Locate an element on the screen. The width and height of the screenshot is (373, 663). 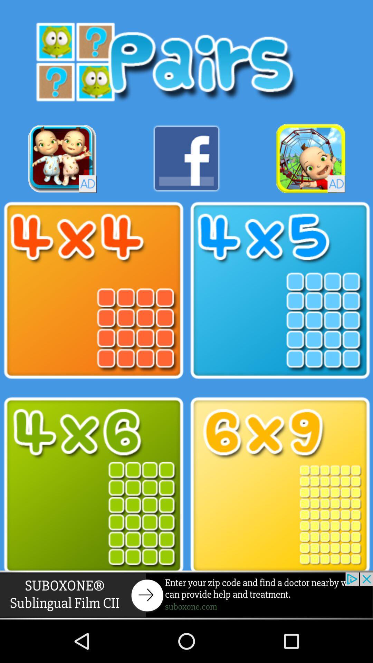
click 6x9 is located at coordinates (280, 485).